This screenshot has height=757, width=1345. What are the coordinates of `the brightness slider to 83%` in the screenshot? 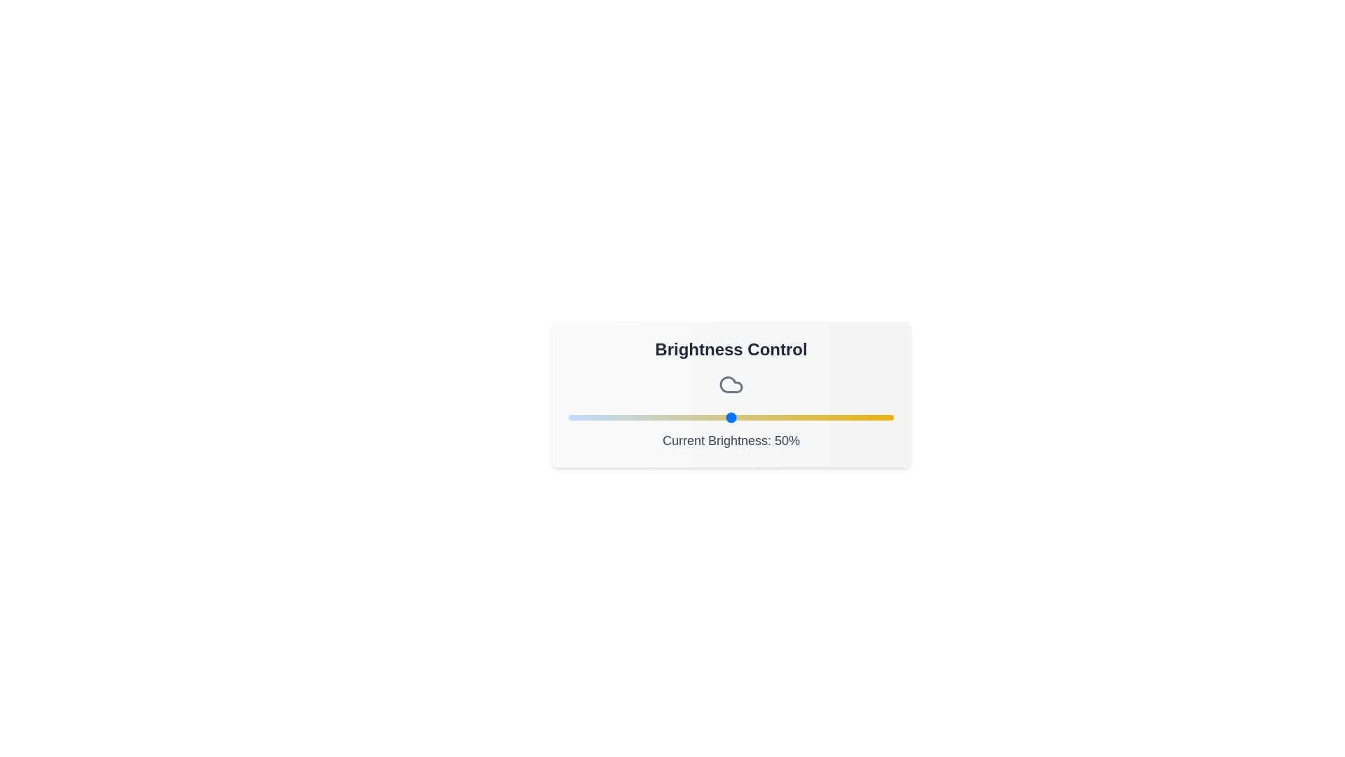 It's located at (839, 417).